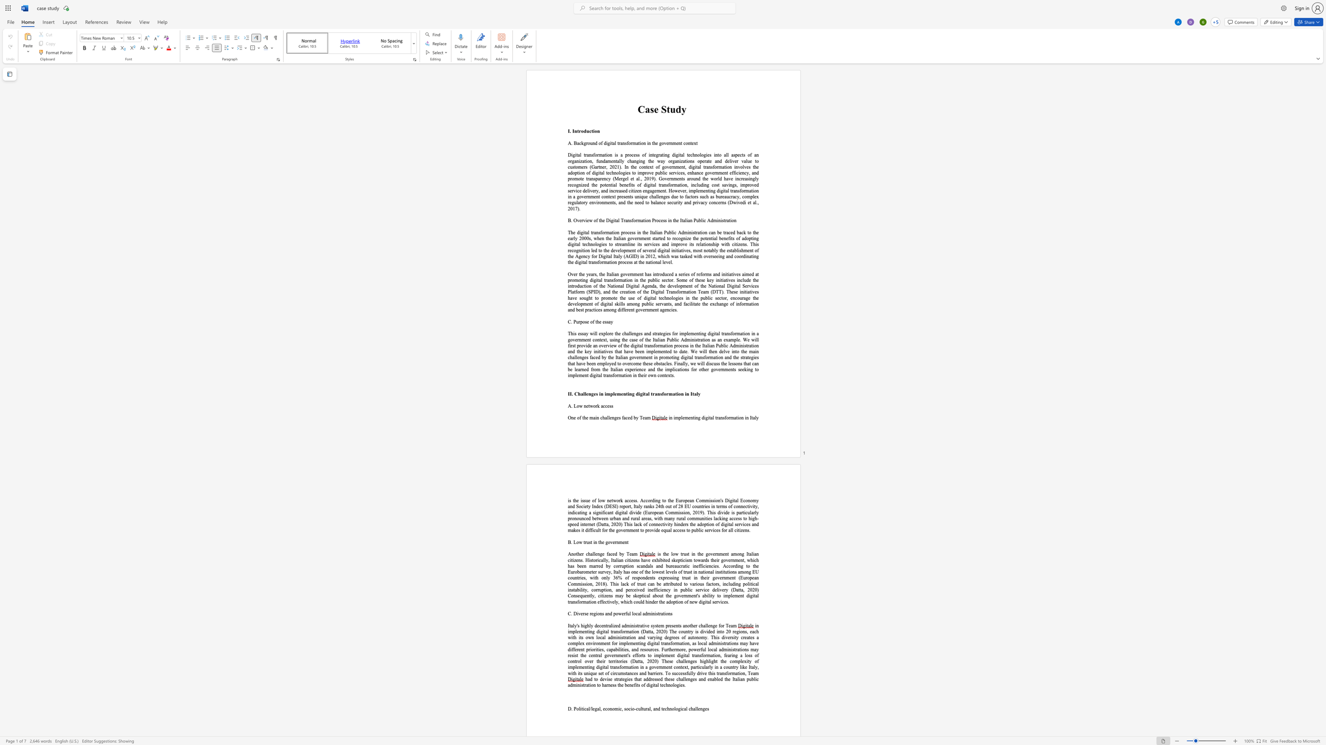 The image size is (1326, 745). What do you see at coordinates (672, 393) in the screenshot?
I see `the space between the continuous character "m" and "a" in the text` at bounding box center [672, 393].